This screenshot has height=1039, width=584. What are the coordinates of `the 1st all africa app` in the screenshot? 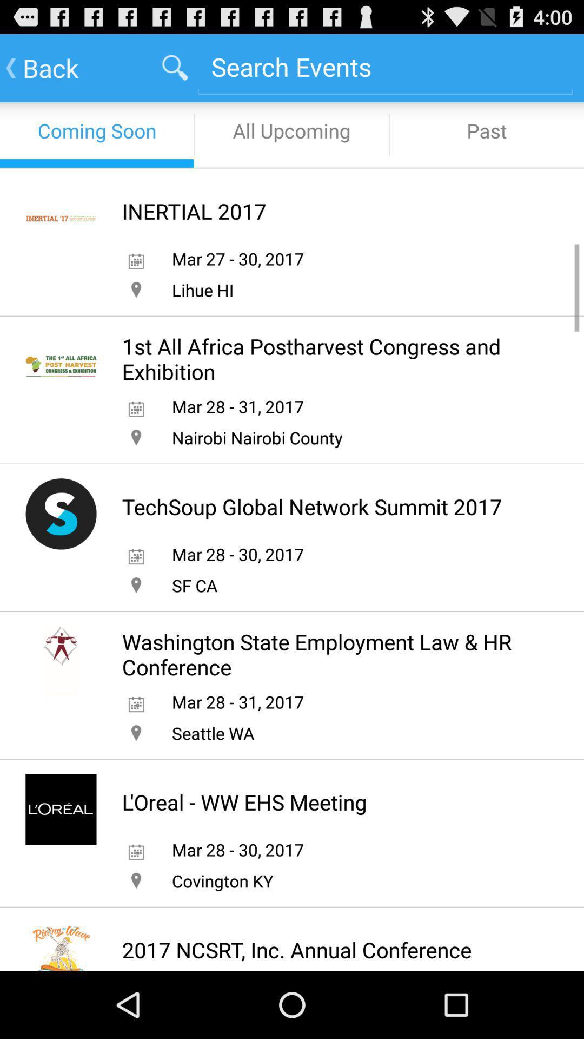 It's located at (329, 359).